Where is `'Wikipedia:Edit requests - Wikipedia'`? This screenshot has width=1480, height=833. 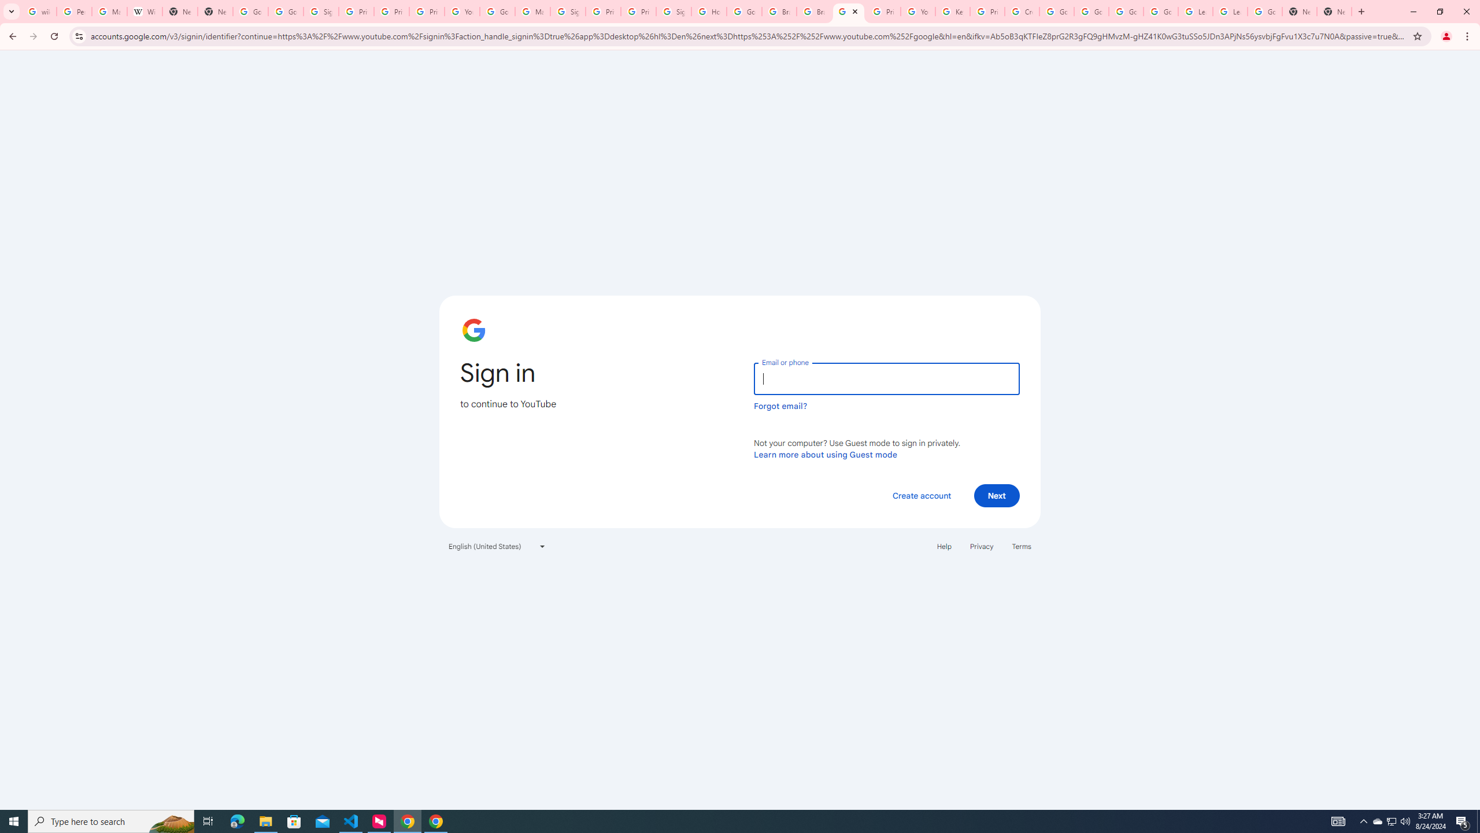
'Wikipedia:Edit requests - Wikipedia' is located at coordinates (143, 11).